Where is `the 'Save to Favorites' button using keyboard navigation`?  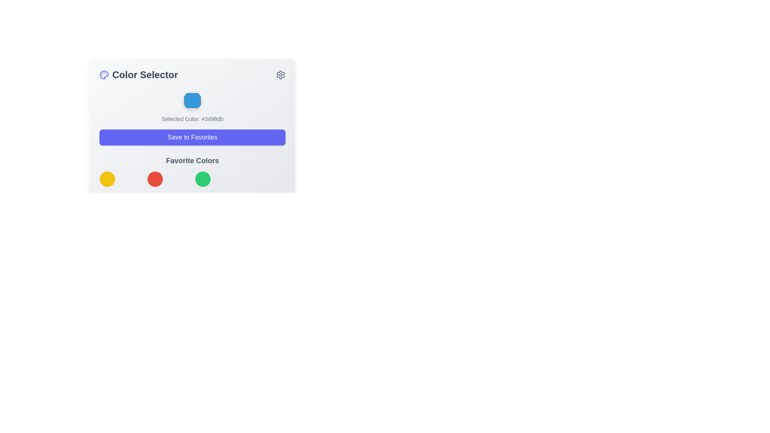 the 'Save to Favorites' button using keyboard navigation is located at coordinates (192, 137).